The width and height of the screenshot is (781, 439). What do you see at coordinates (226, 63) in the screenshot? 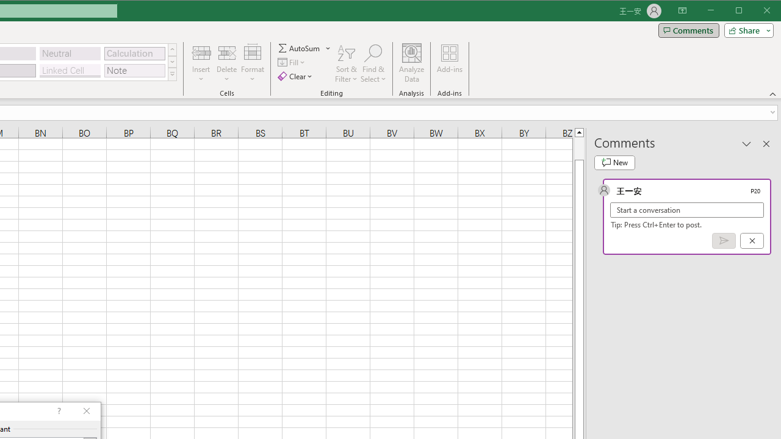
I see `'Delete'` at bounding box center [226, 63].